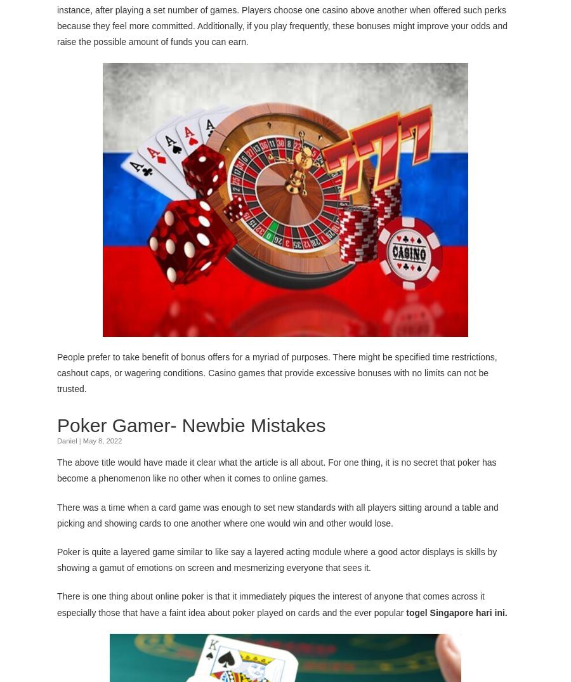 Image resolution: width=571 pixels, height=682 pixels. Describe the element at coordinates (506, 611) in the screenshot. I see `'.'` at that location.